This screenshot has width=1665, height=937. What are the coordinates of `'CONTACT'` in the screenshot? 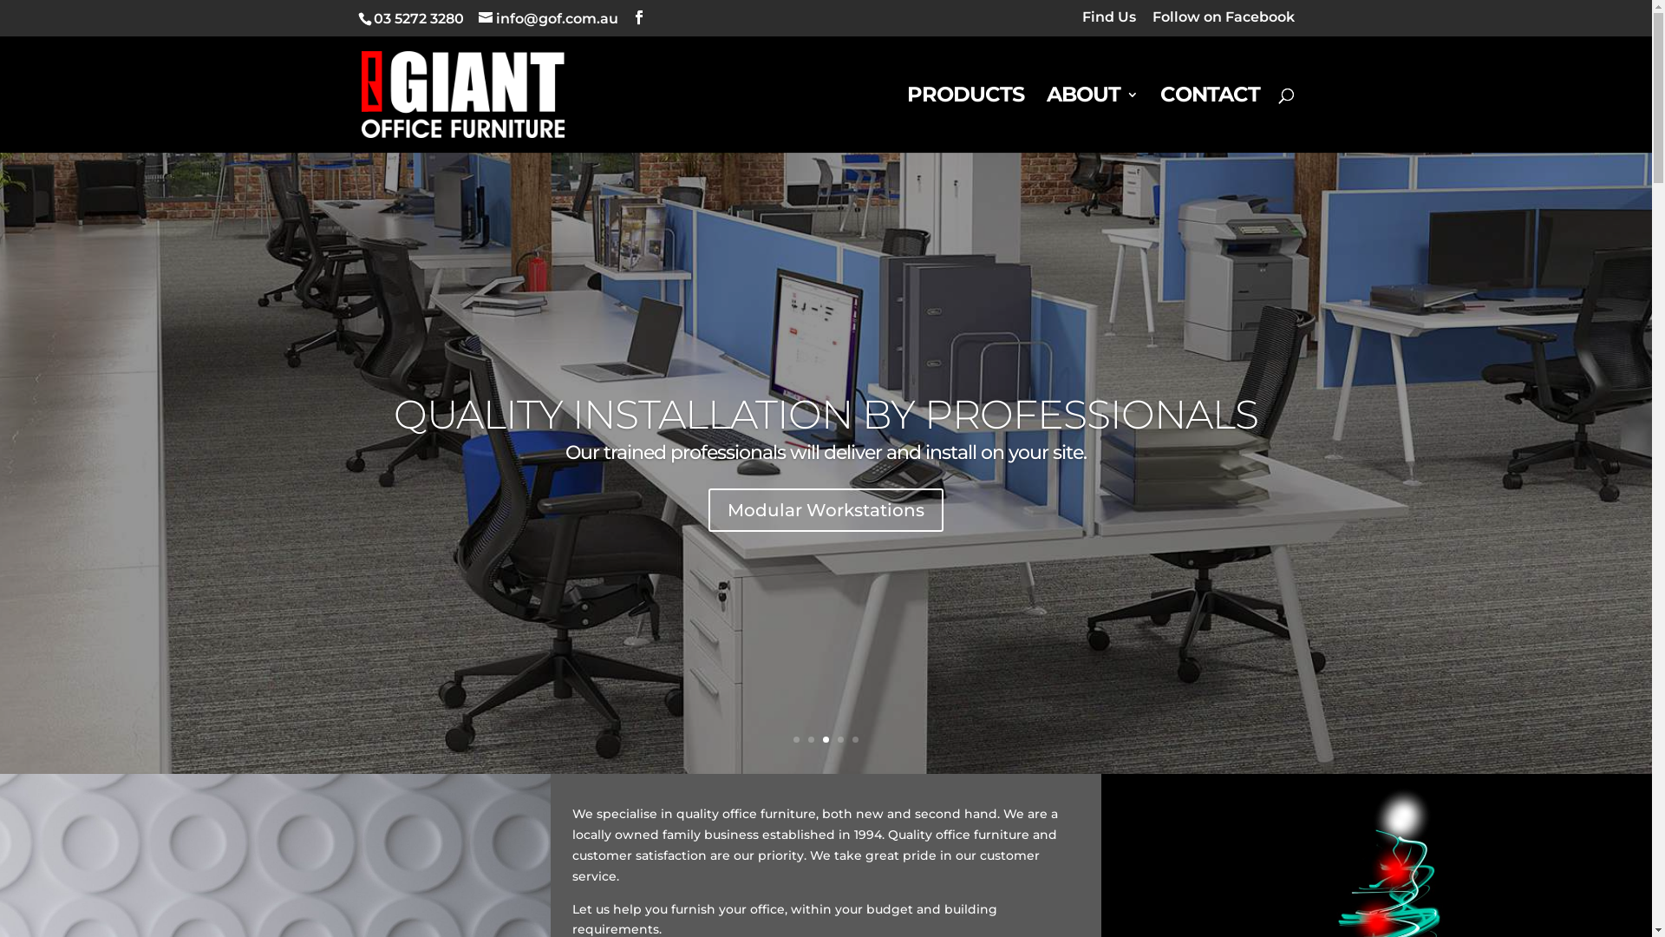 It's located at (1209, 119).